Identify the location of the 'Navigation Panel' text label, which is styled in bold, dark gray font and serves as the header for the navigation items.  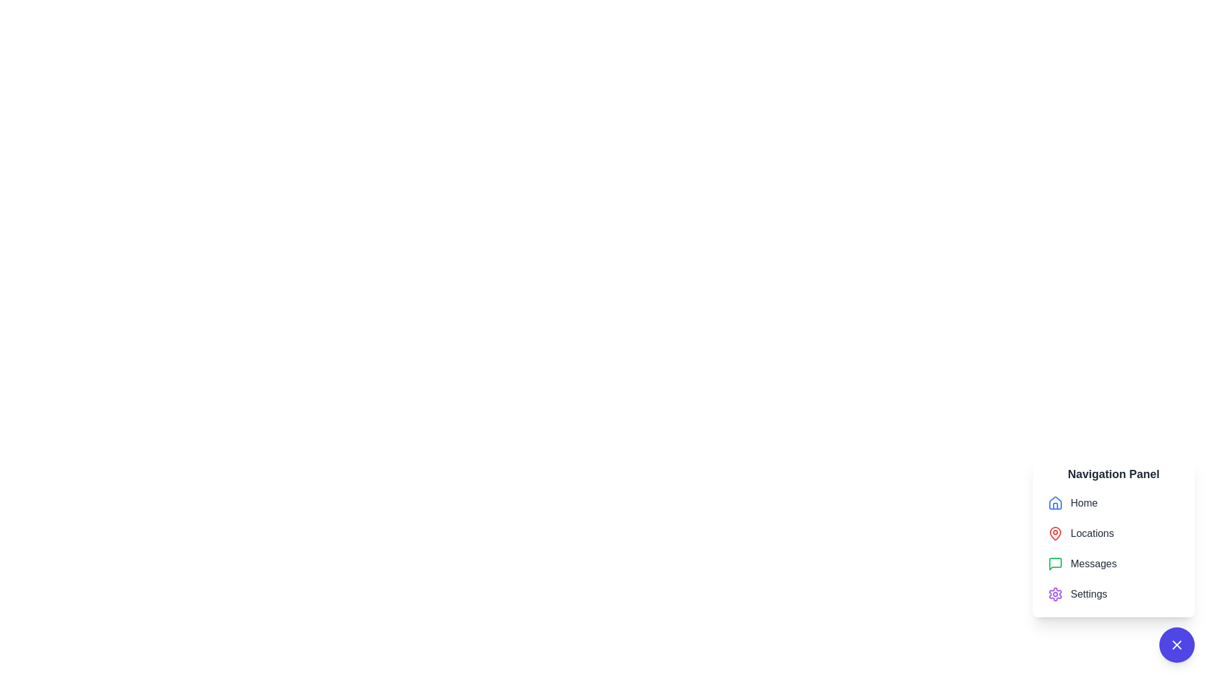
(1114, 474).